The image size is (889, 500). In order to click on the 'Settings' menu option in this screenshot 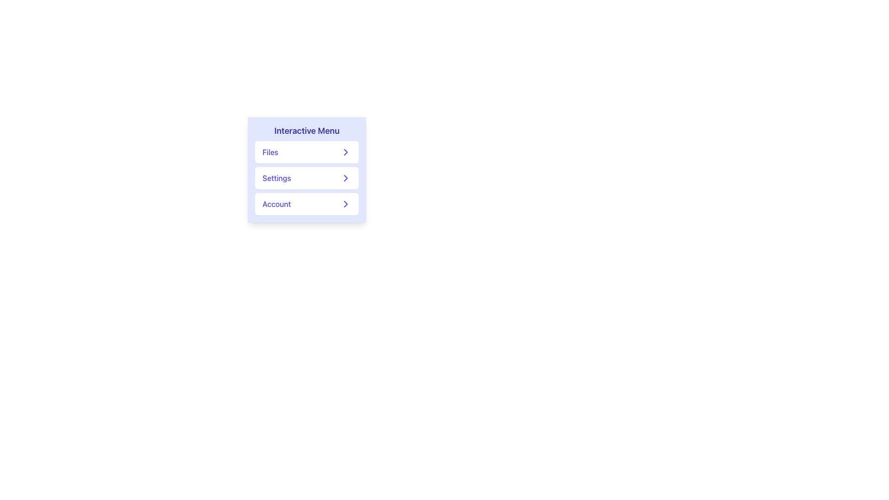, I will do `click(307, 178)`.